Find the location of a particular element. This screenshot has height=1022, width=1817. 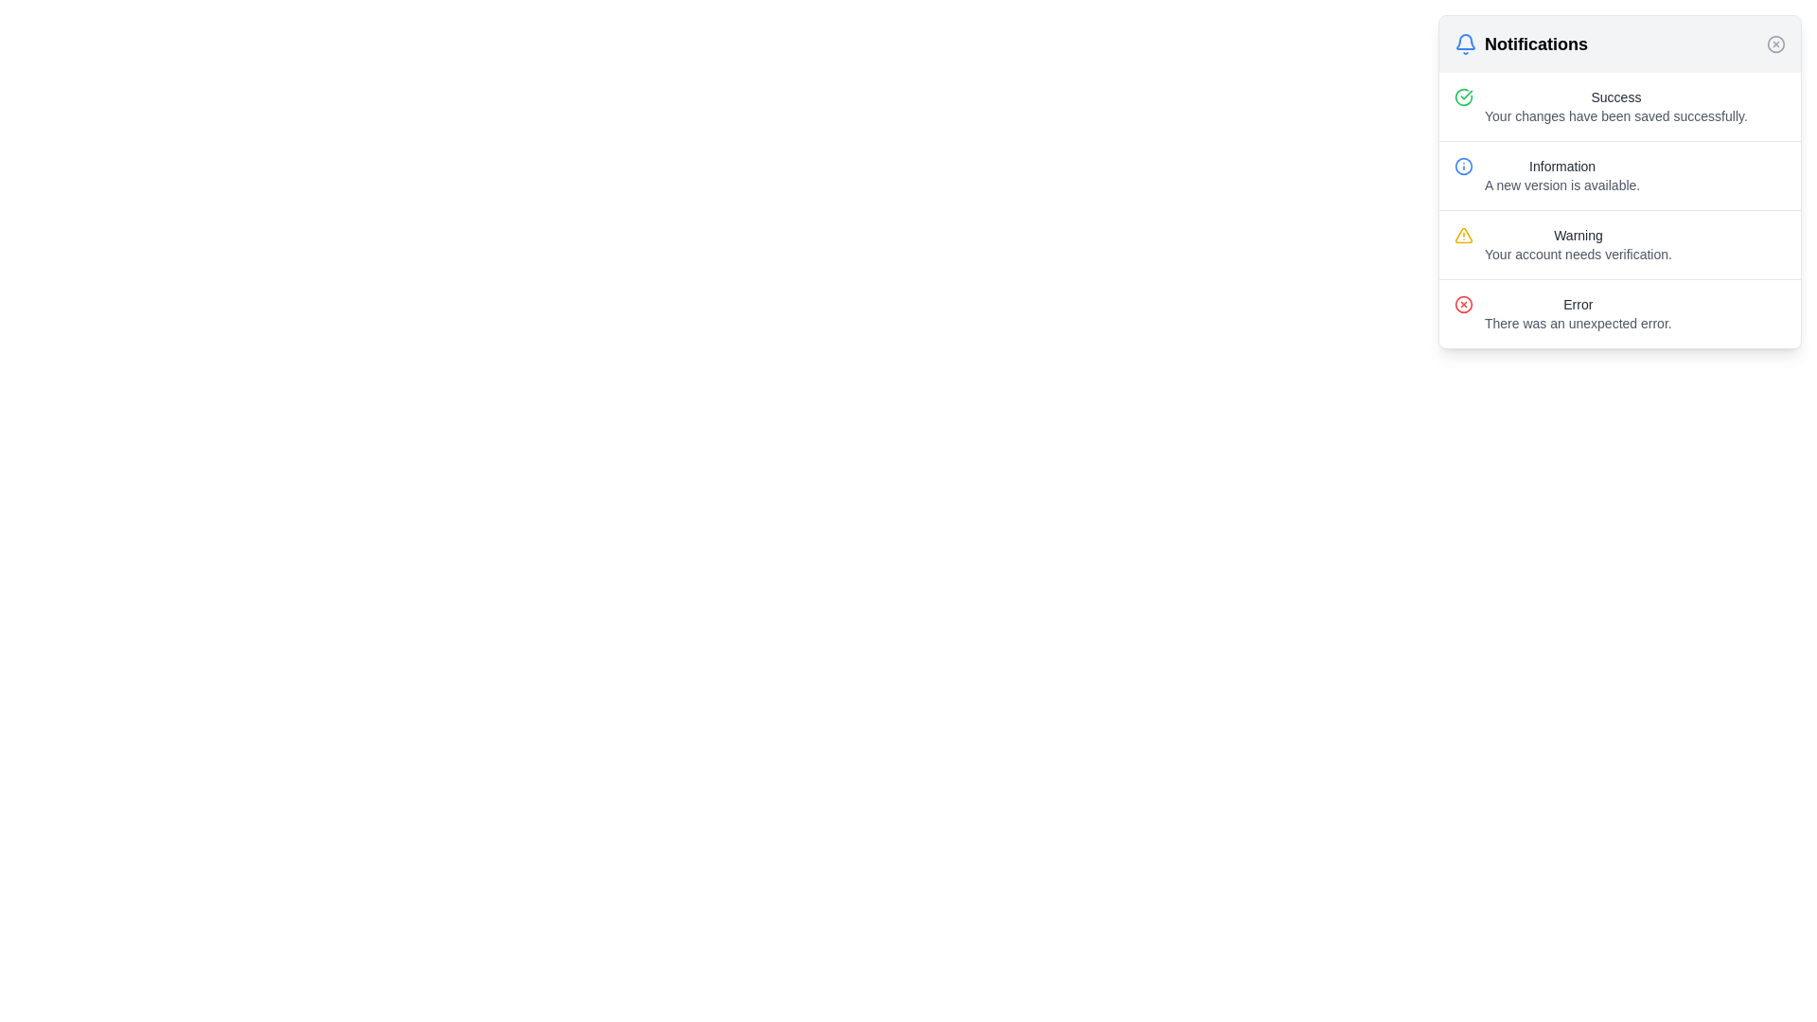

the informational Text Label confirming successful modifications, located beneath the bolded 'Success' text in the right upper section of the interface is located at coordinates (1614, 116).